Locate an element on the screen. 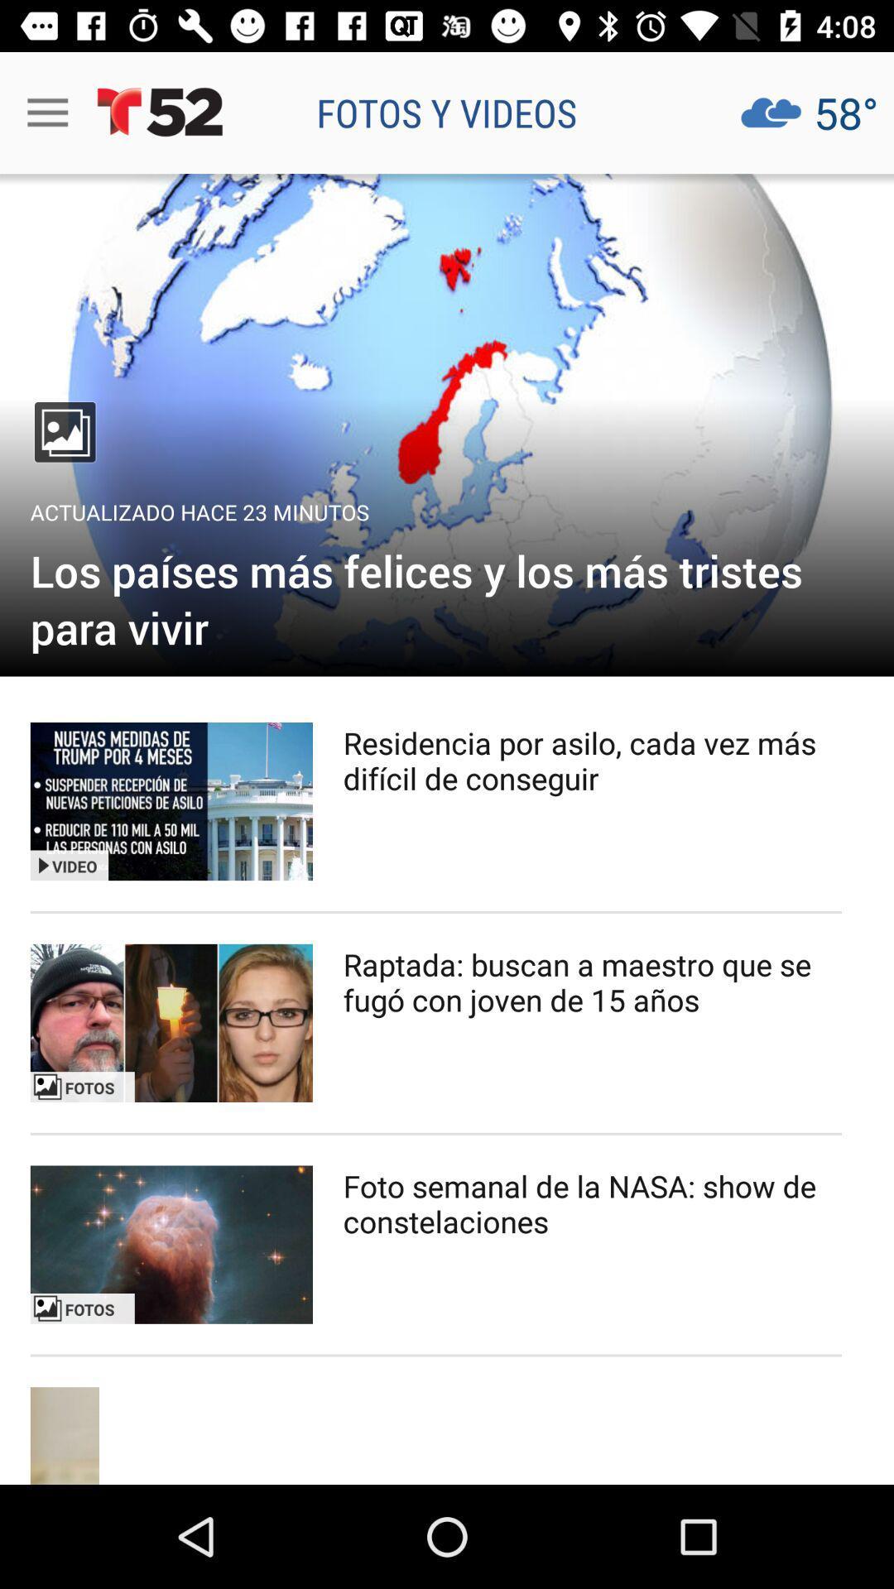 The height and width of the screenshot is (1589, 894). watch video is located at coordinates (171, 1245).